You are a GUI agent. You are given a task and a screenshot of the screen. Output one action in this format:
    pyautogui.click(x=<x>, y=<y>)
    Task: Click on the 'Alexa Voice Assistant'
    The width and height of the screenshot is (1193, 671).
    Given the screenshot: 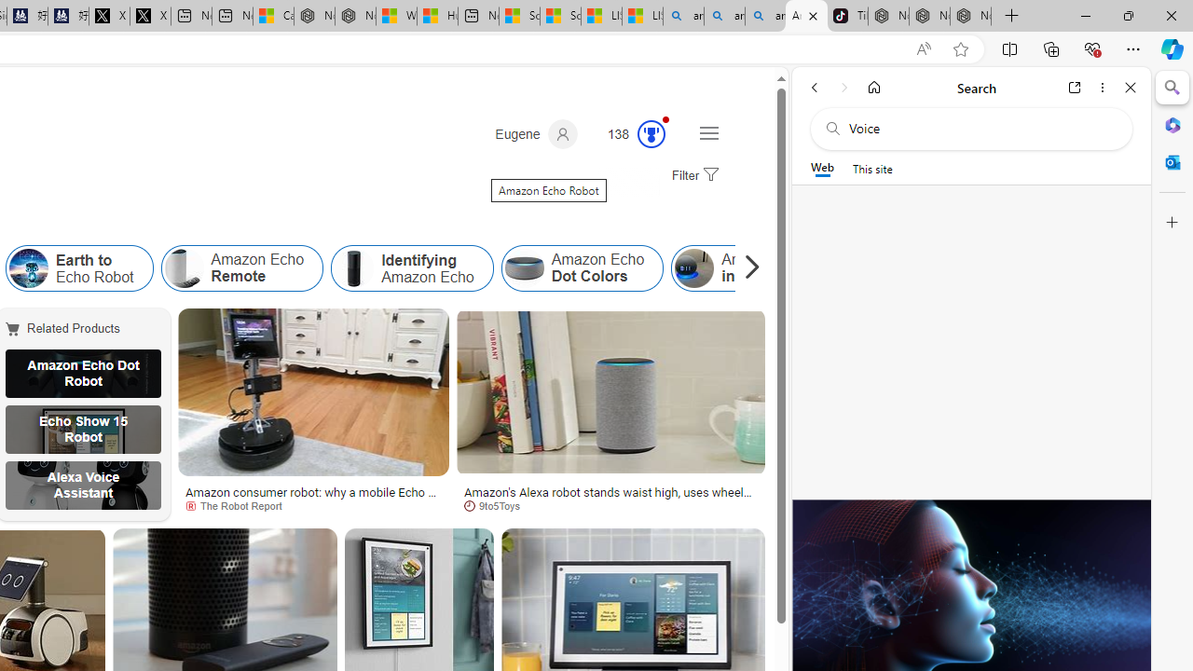 What is the action you would take?
    pyautogui.click(x=82, y=485)
    